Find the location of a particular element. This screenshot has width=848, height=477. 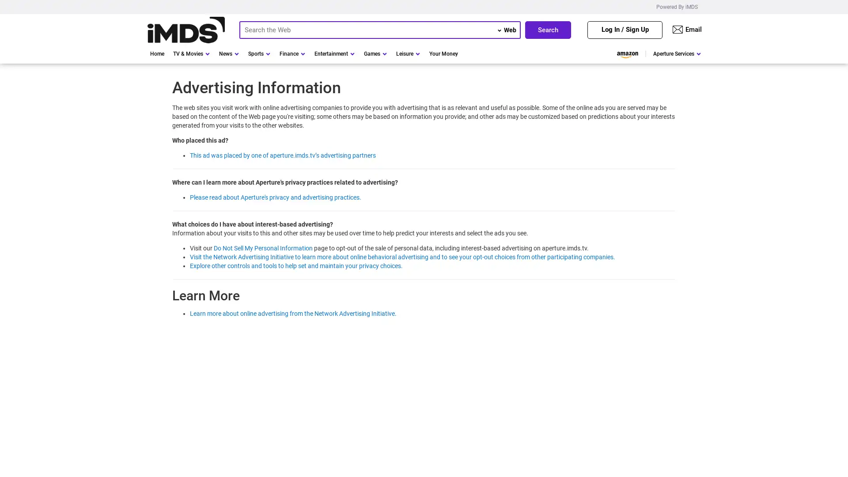

Search is located at coordinates (548, 30).